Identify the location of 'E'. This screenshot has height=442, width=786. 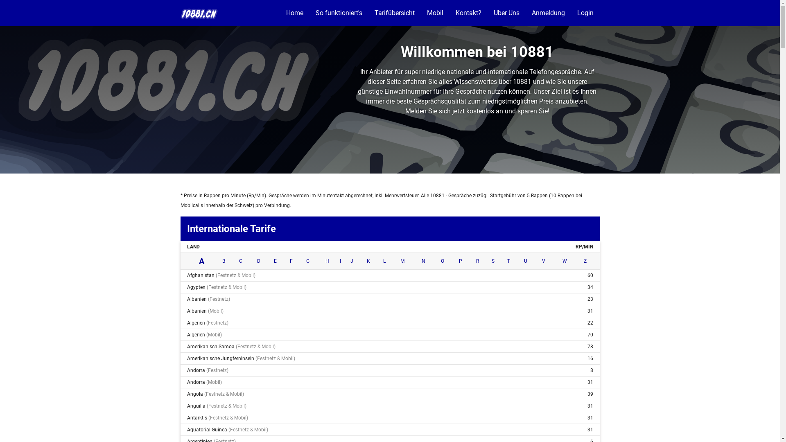
(275, 261).